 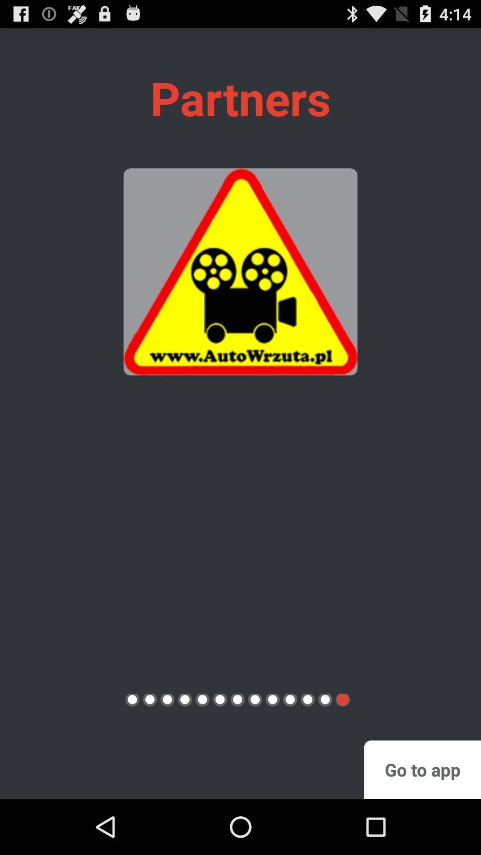 What do you see at coordinates (422, 769) in the screenshot?
I see `go to app button` at bounding box center [422, 769].